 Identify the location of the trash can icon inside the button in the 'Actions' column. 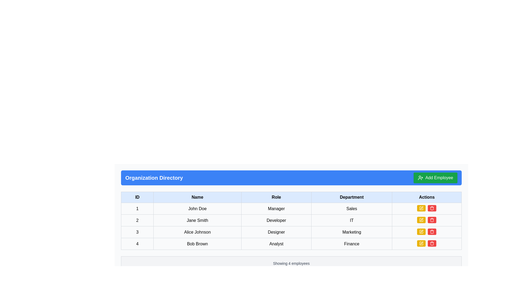
(432, 220).